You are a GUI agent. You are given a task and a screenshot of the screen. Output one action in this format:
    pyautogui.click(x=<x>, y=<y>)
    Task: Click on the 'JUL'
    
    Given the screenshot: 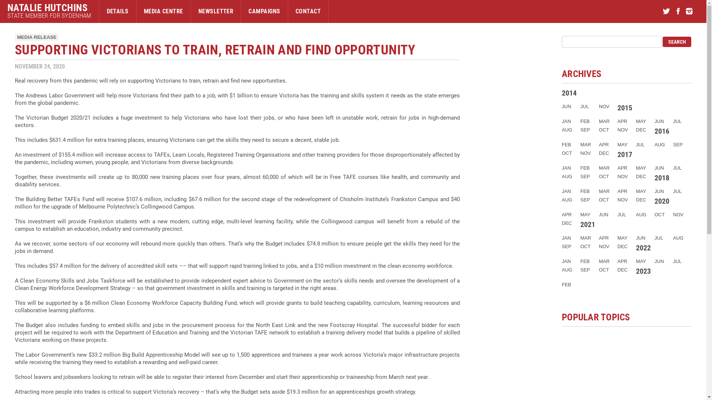 What is the action you would take?
    pyautogui.click(x=584, y=106)
    